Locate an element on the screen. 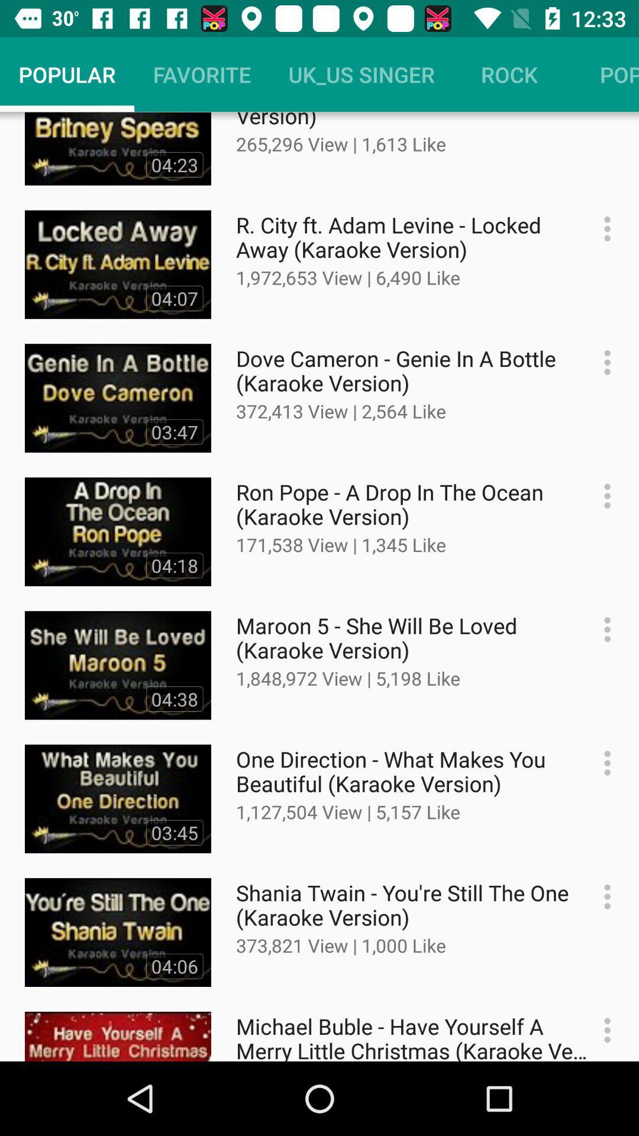  more options is located at coordinates (601, 1029).